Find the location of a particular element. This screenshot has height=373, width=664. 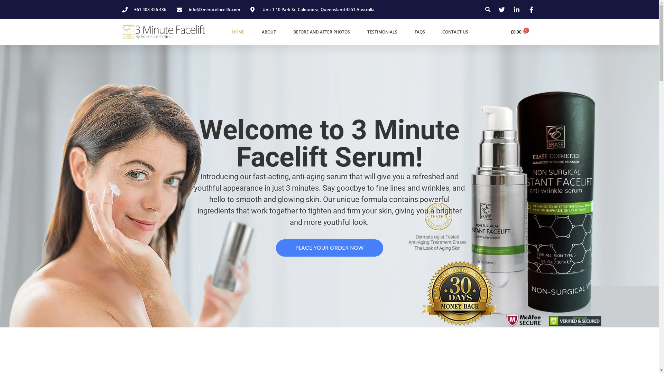

'TESTIMONIALS' is located at coordinates (367, 32).